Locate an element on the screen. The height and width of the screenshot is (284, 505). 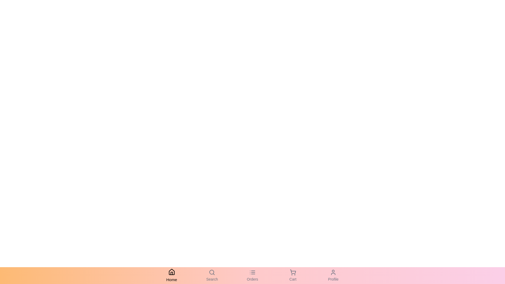
the tab Profile to observe its highlight is located at coordinates (333, 275).